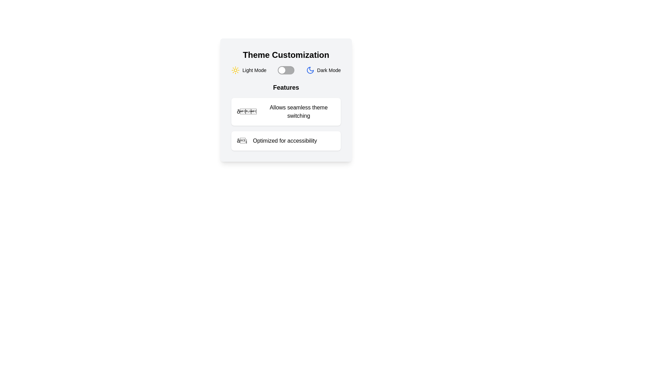 This screenshot has height=374, width=665. What do you see at coordinates (249, 70) in the screenshot?
I see `the label with icon that provides information about the current theme setting, located in the 'Theme Customization' section, to the left of the toggle switch` at bounding box center [249, 70].